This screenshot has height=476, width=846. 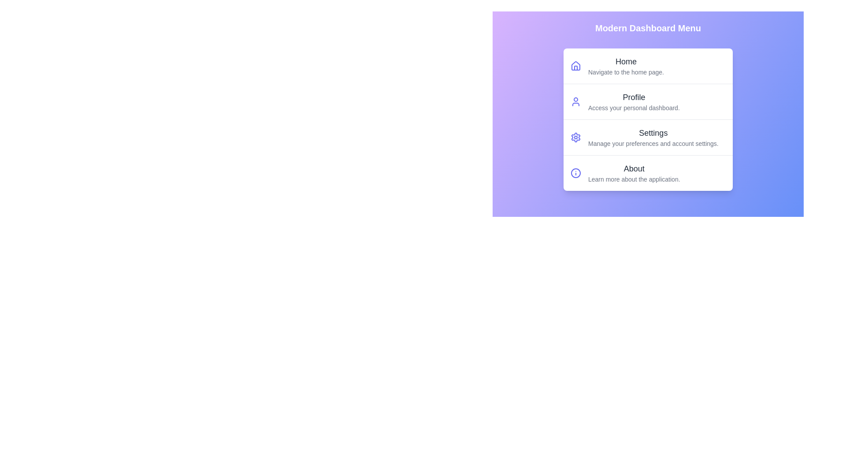 I want to click on the menu item corresponding to Profile, so click(x=648, y=101).